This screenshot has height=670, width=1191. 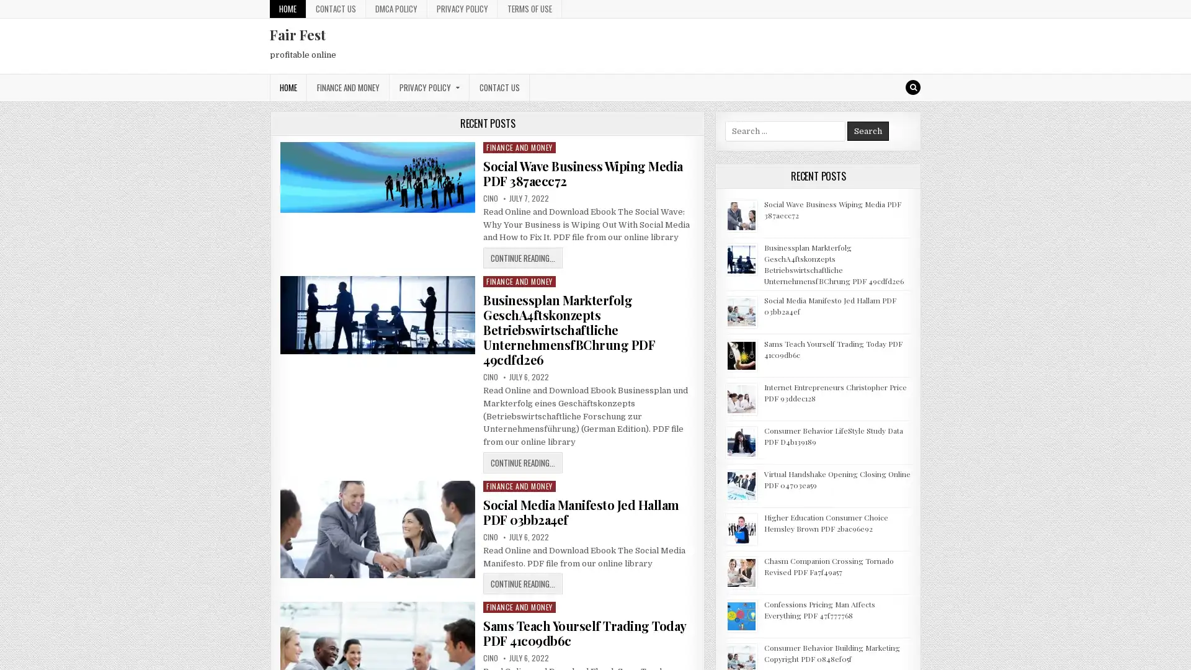 I want to click on Search, so click(x=867, y=131).